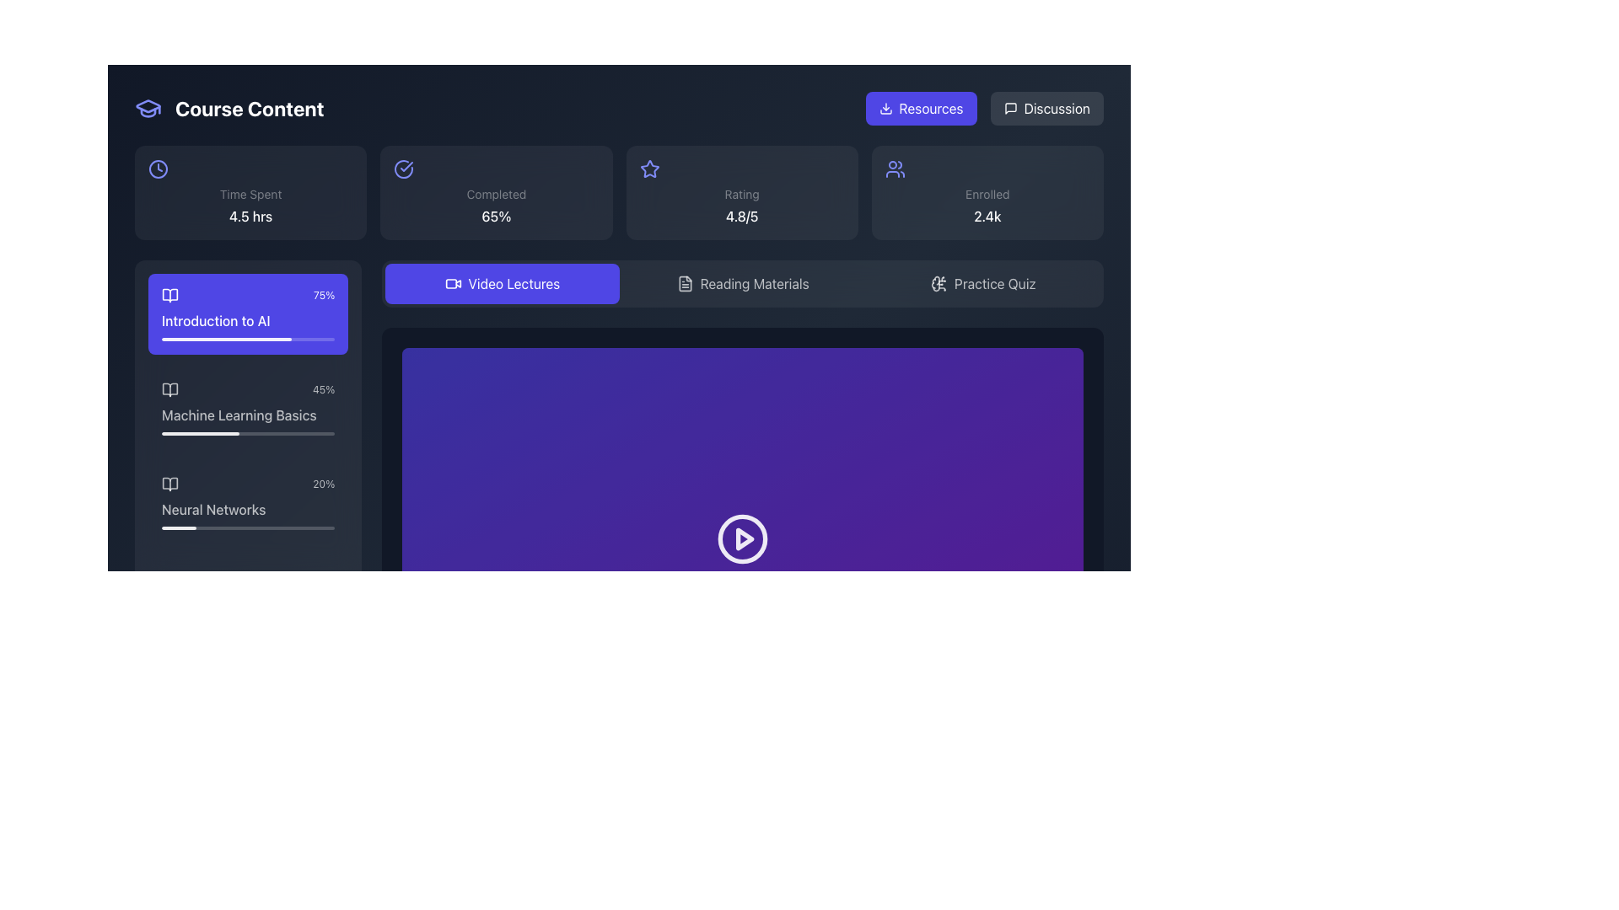 The width and height of the screenshot is (1619, 910). What do you see at coordinates (501, 282) in the screenshot?
I see `the leftmost navigational button located below the top section of the interface` at bounding box center [501, 282].